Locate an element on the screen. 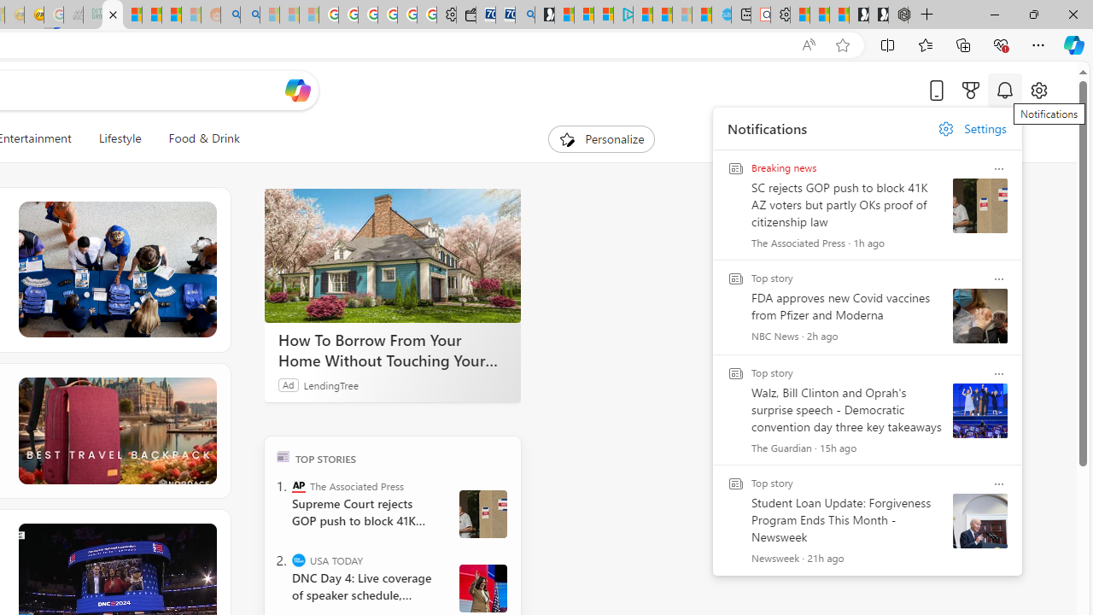 This screenshot has width=1093, height=615. 'Play Free Online Games | Games from Microsoft Start' is located at coordinates (879, 15).